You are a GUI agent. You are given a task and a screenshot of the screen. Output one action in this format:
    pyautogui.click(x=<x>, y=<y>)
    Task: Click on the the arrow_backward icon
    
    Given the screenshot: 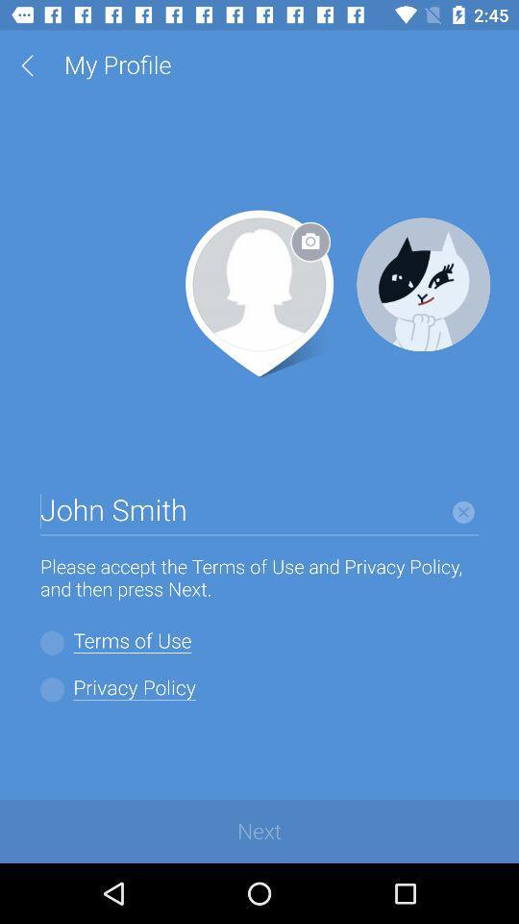 What is the action you would take?
    pyautogui.click(x=34, y=65)
    